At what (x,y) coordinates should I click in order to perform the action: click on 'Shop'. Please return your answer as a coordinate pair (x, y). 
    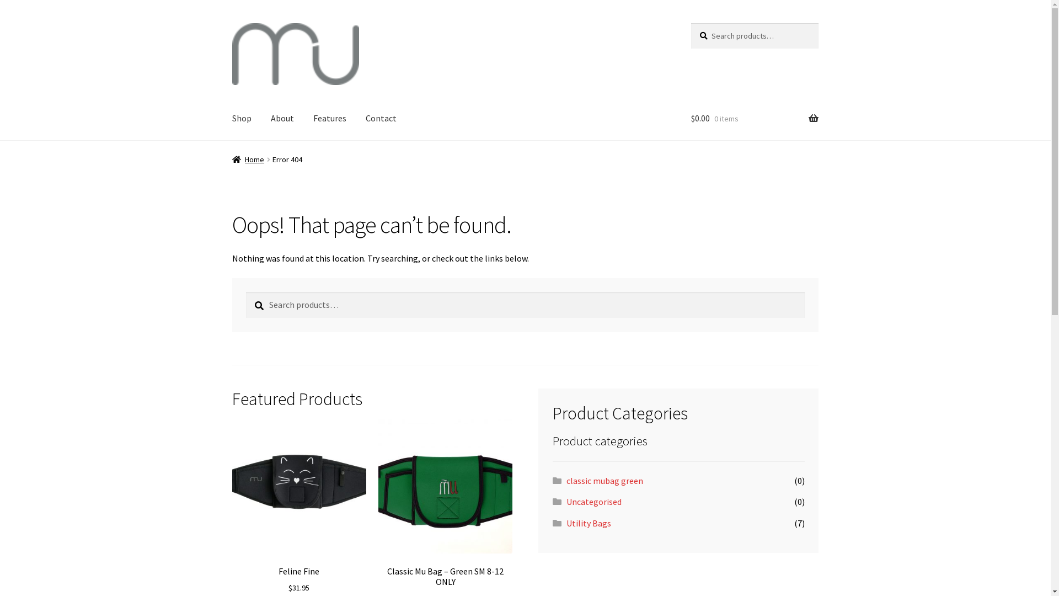
    Looking at the image, I should click on (241, 119).